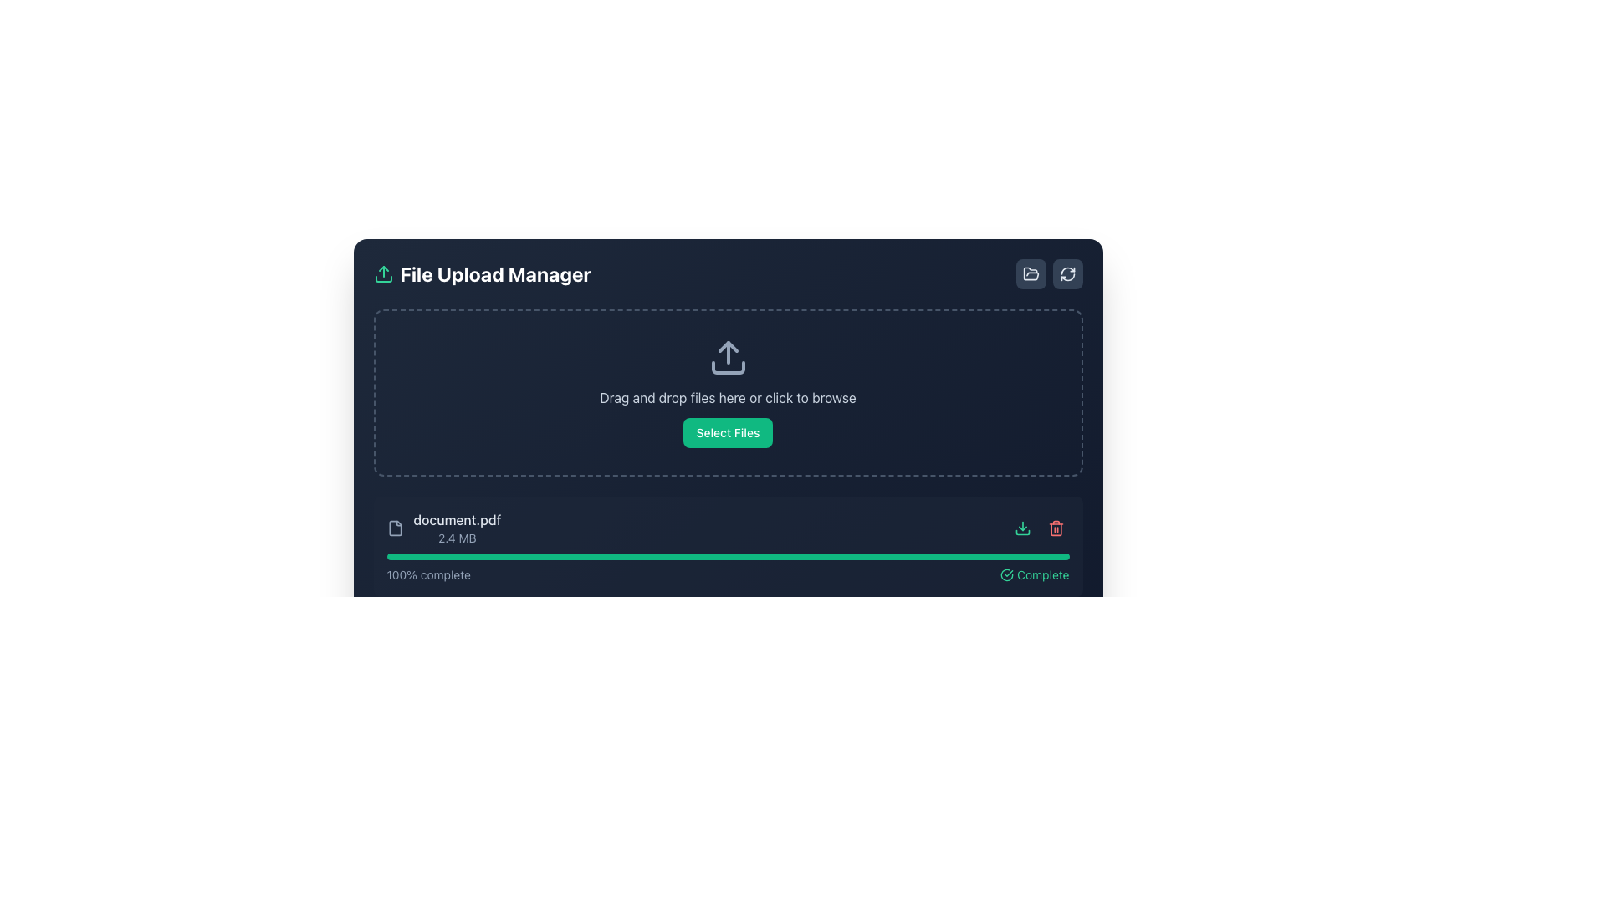 The height and width of the screenshot is (903, 1606). I want to click on the vibrant green 'Select Files' button with rounded corners for visual feedback, so click(728, 431).